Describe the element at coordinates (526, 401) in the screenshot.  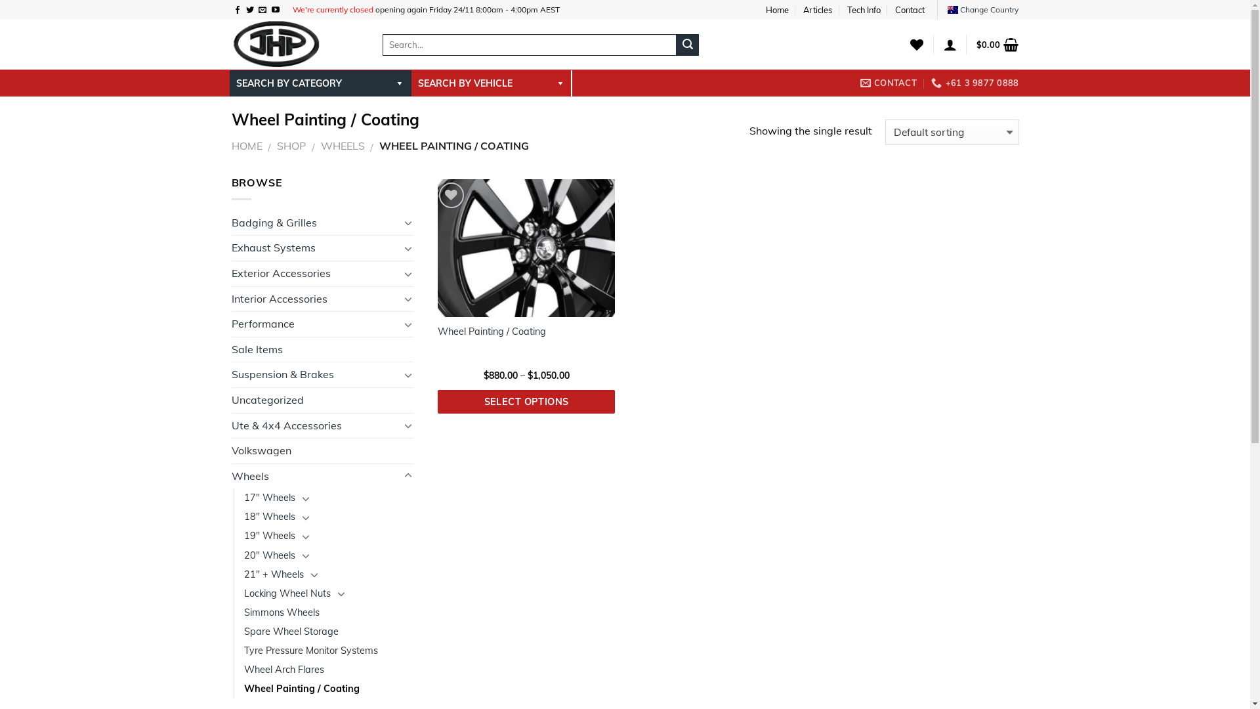
I see `'SELECT OPTIONS'` at that location.